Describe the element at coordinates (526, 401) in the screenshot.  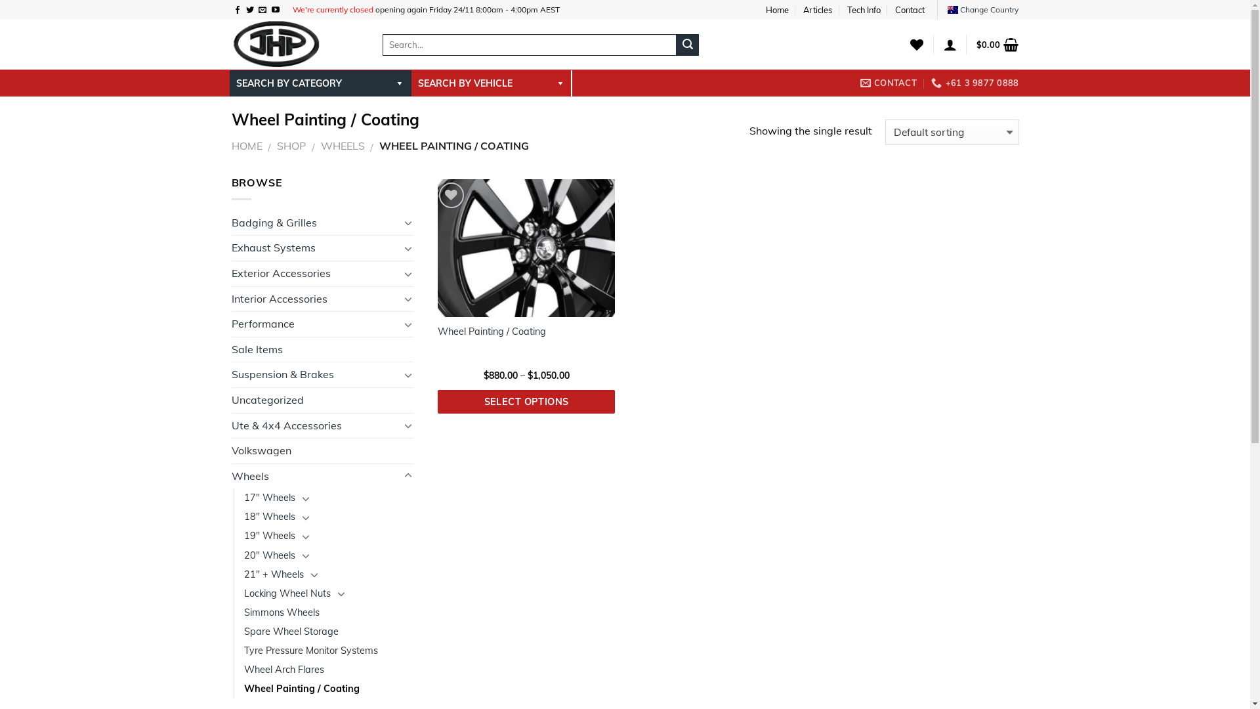
I see `'SELECT OPTIONS'` at that location.